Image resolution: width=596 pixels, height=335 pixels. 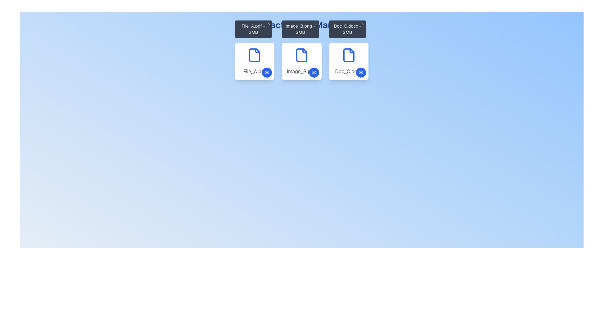 What do you see at coordinates (301, 55) in the screenshot?
I see `the icon representing the file 'Image_B.png', which is located within a white, rounded rectangle card` at bounding box center [301, 55].